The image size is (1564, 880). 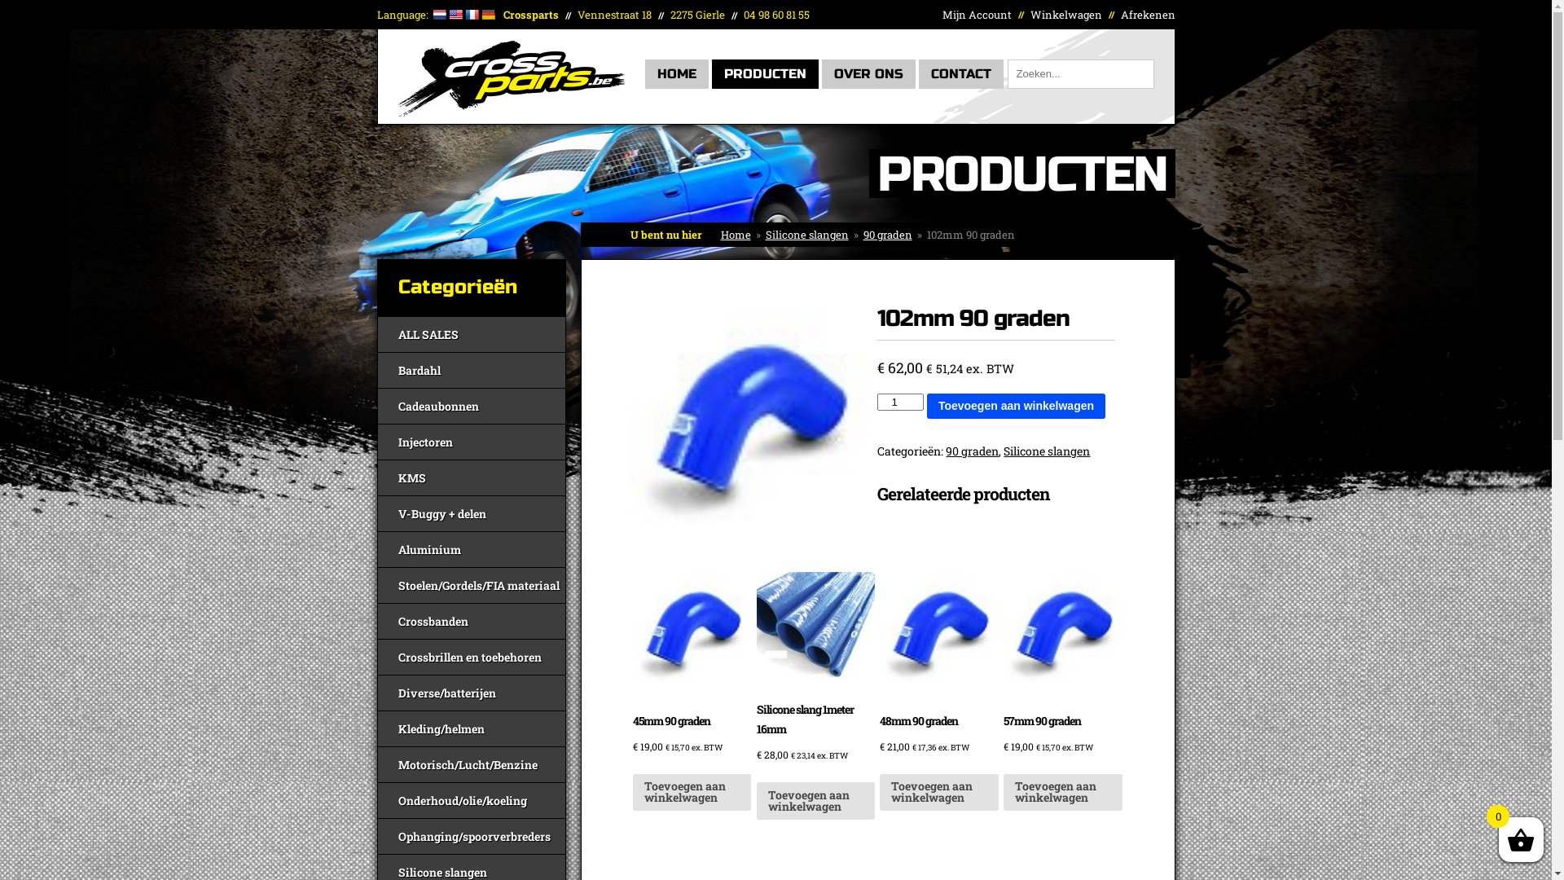 I want to click on 'Winkelwagen', so click(x=1065, y=15).